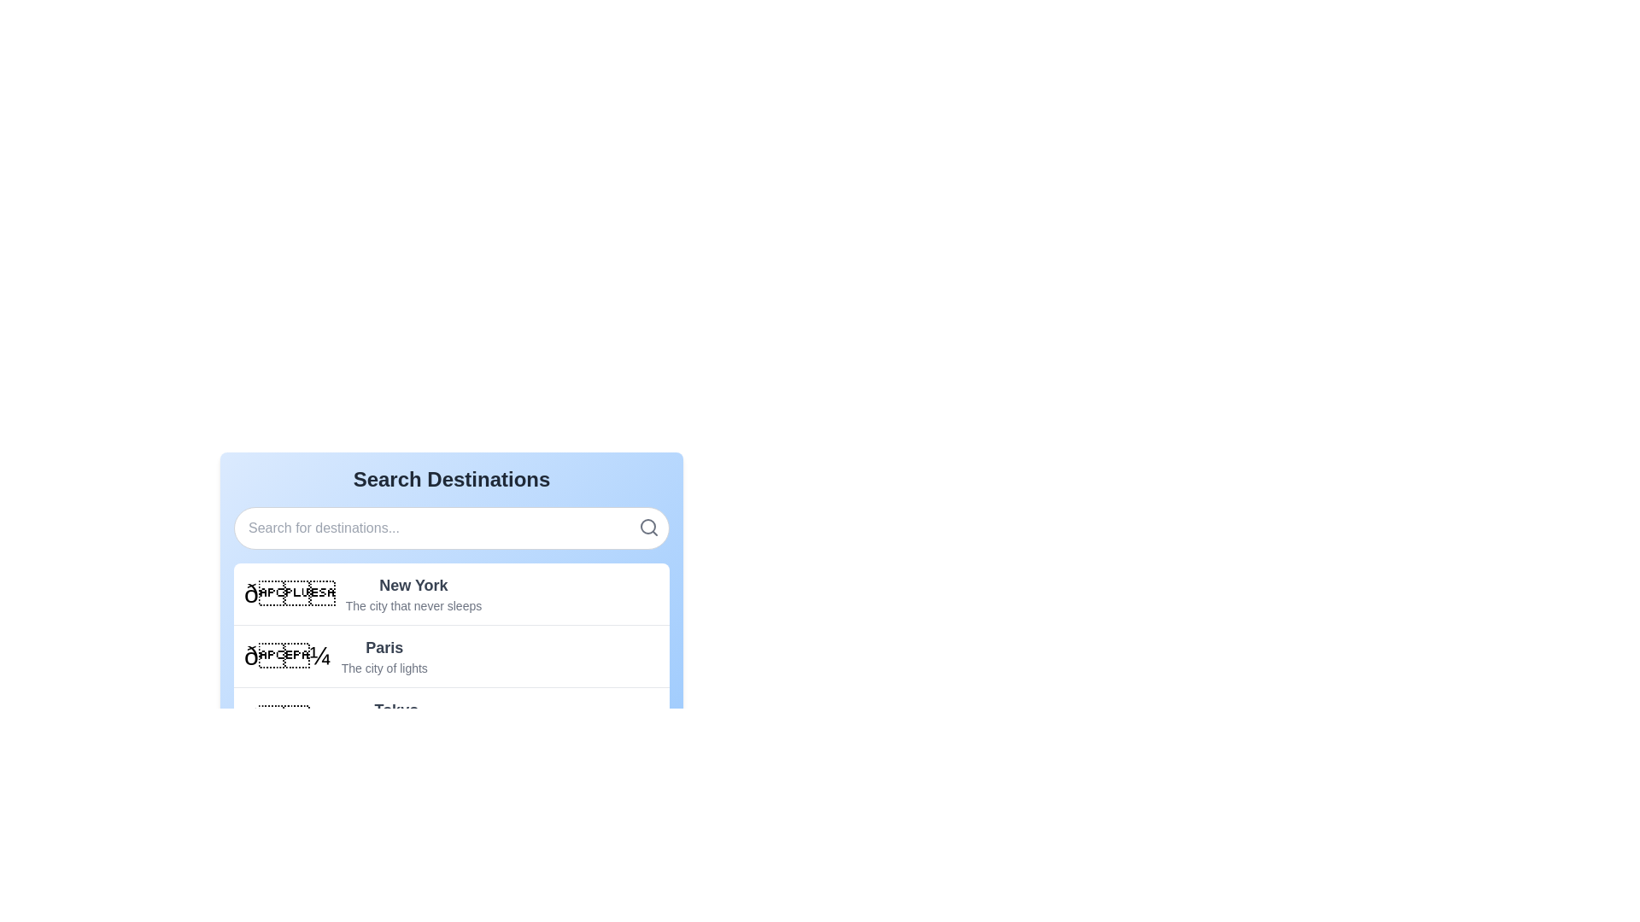 This screenshot has width=1640, height=922. Describe the element at coordinates (451, 655) in the screenshot. I see `the list item entry for 'Paris'` at that location.